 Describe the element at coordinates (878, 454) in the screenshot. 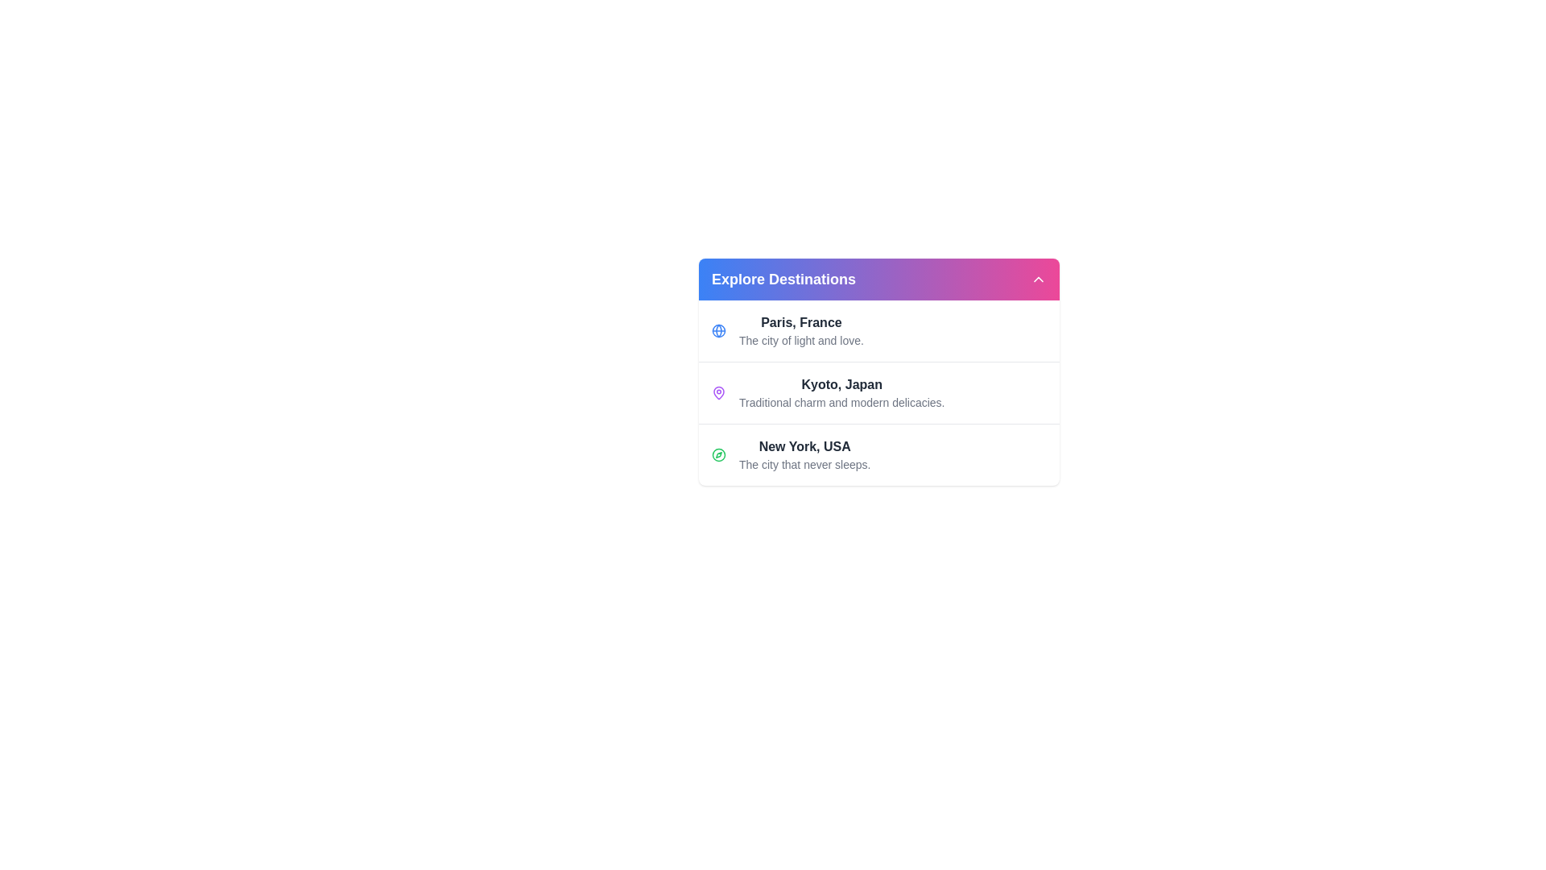

I see `the list item representing 'New York, USA'` at that location.